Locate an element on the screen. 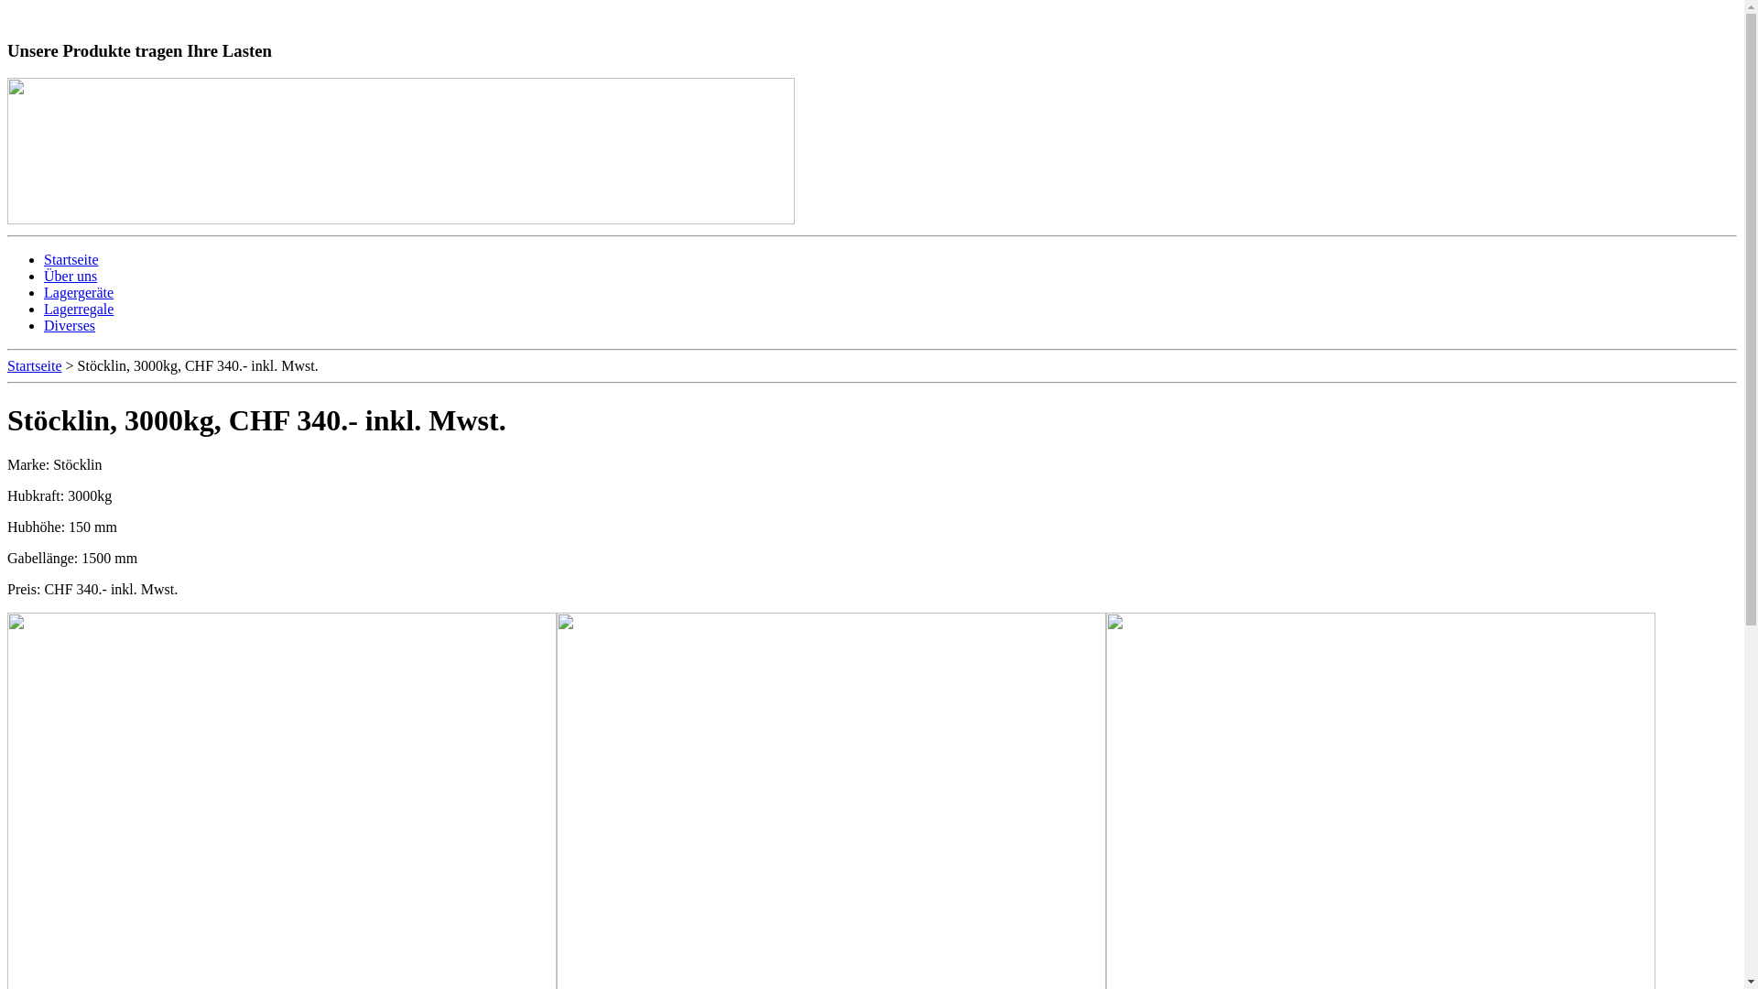 Image resolution: width=1758 pixels, height=989 pixels. 'Startseite' is located at coordinates (7, 365).